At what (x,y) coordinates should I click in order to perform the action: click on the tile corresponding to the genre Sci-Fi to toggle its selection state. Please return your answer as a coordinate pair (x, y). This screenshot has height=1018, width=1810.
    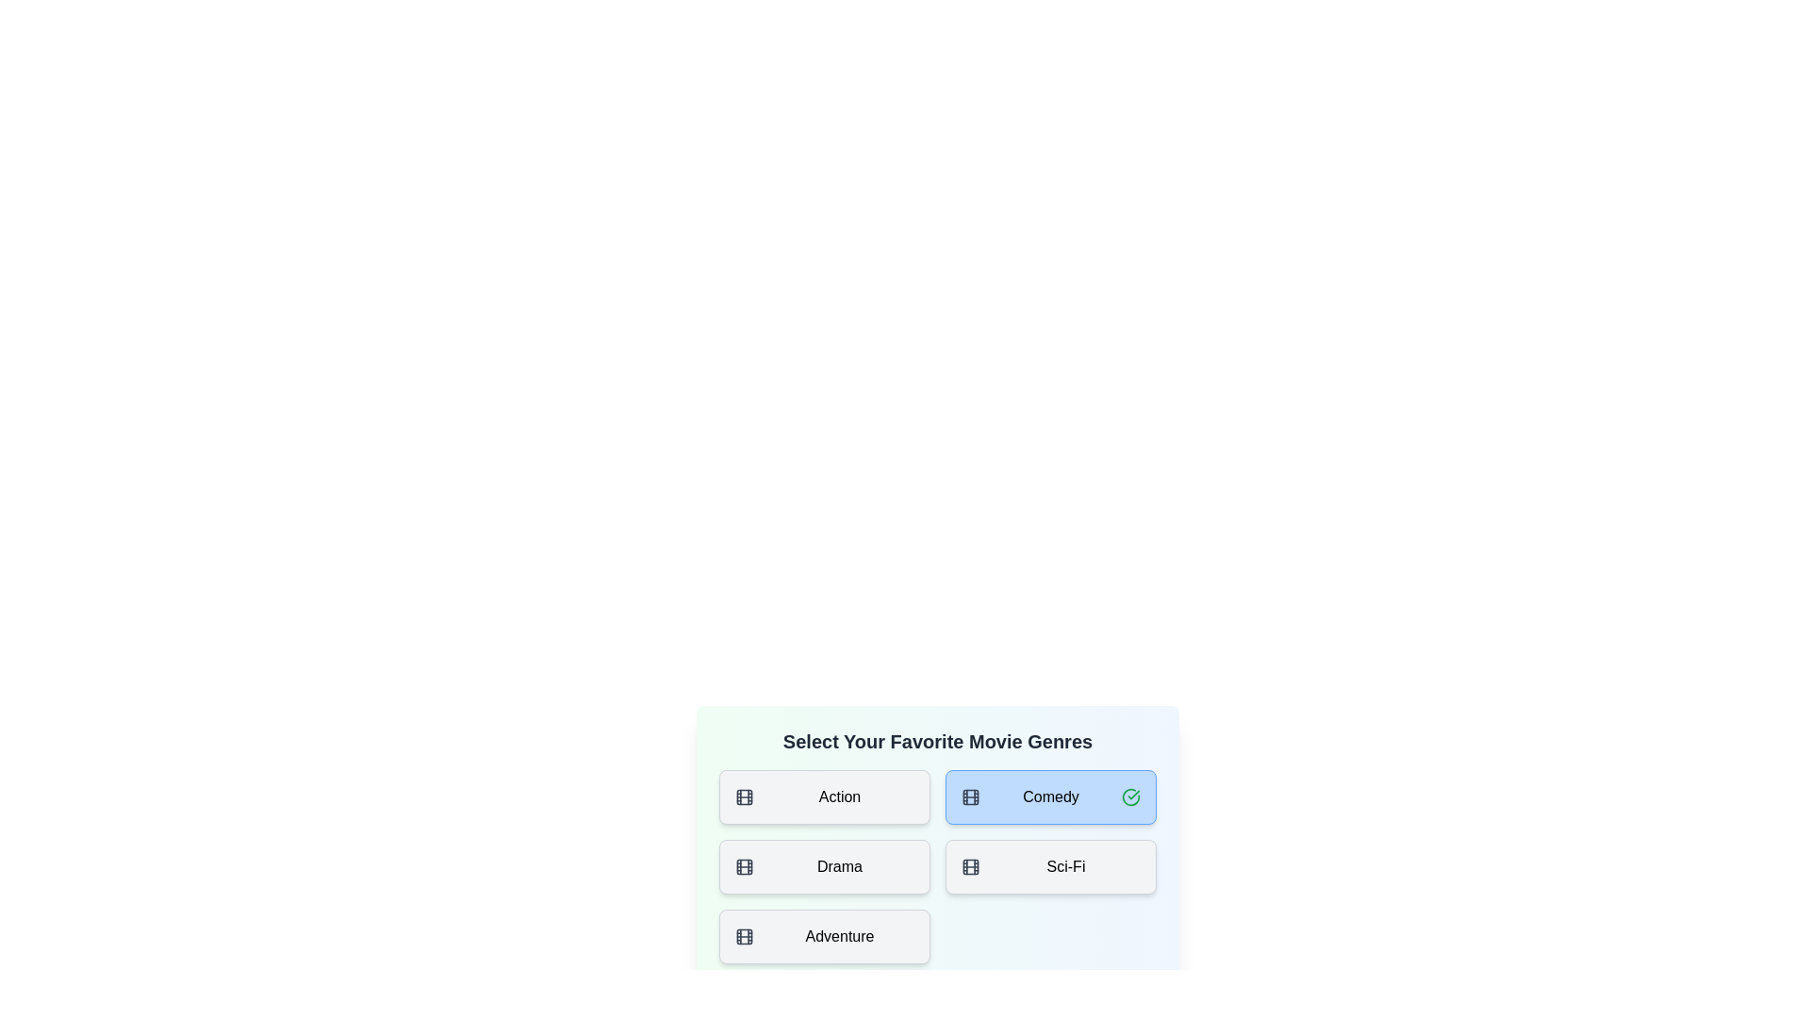
    Looking at the image, I should click on (1049, 867).